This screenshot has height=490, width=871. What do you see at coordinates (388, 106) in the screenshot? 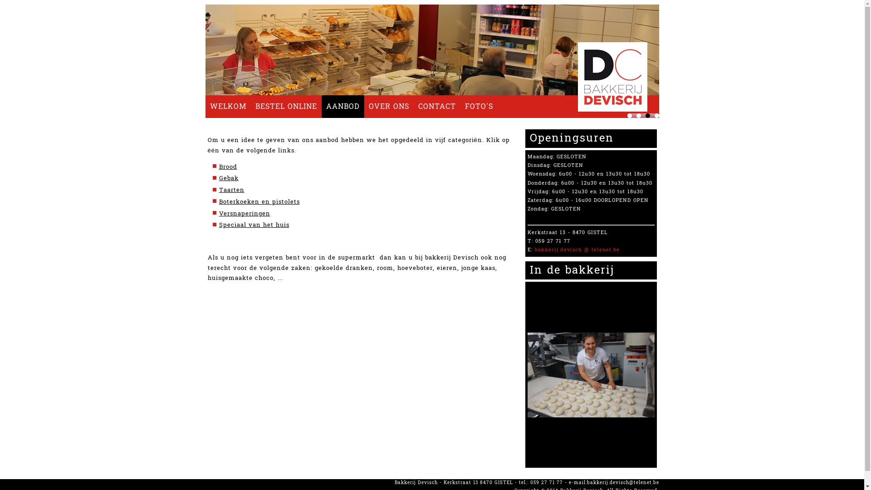
I see `'OVER ONS'` at bounding box center [388, 106].